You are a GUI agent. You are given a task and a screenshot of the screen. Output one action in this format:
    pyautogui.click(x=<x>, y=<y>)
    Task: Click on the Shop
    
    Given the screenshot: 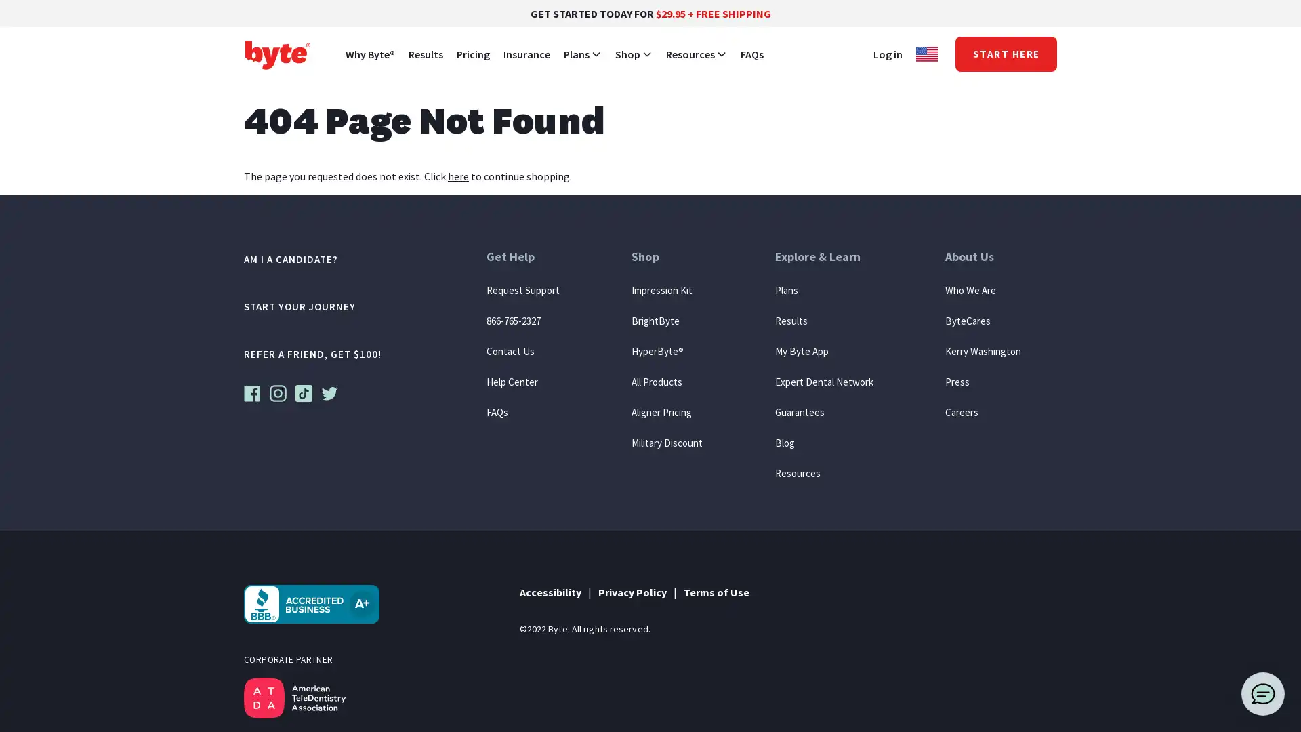 What is the action you would take?
    pyautogui.click(x=667, y=264)
    